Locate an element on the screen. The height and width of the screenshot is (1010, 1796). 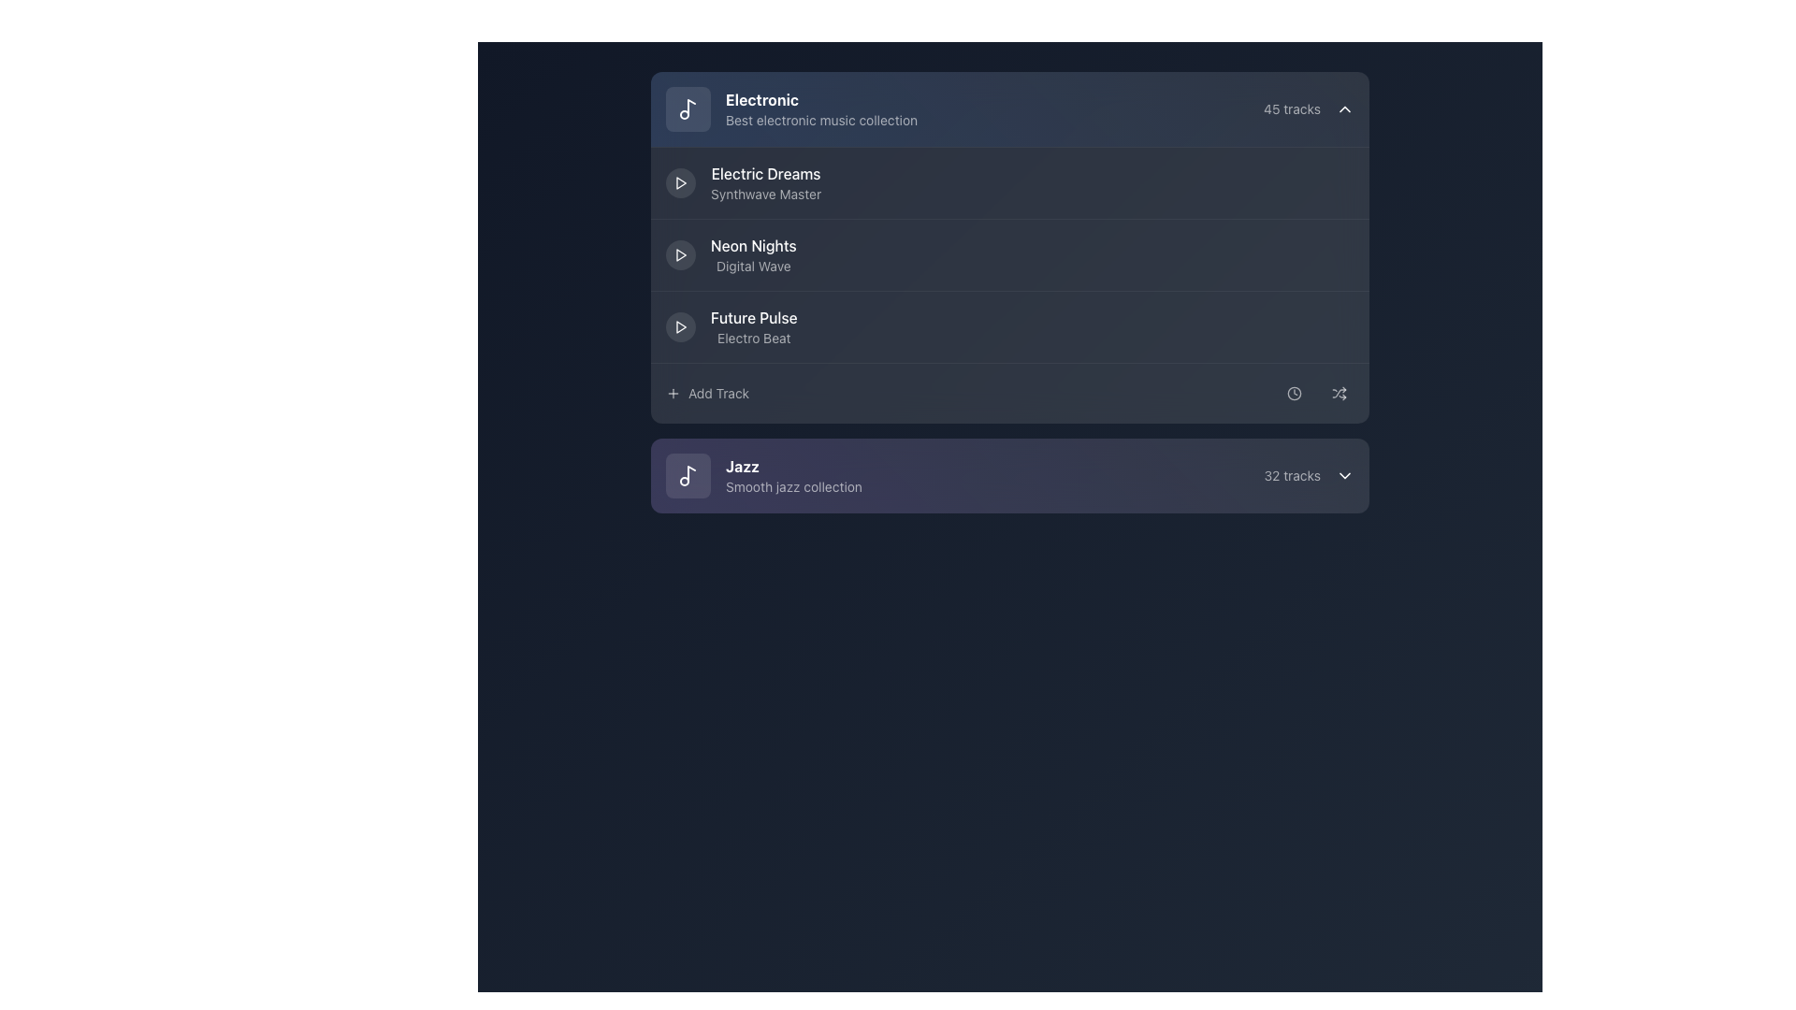
the non-interactive text label displaying the title of a music track or playlist in the 'Electronic' section, positioned above the subtitle 'Synthwave Master' is located at coordinates (766, 173).